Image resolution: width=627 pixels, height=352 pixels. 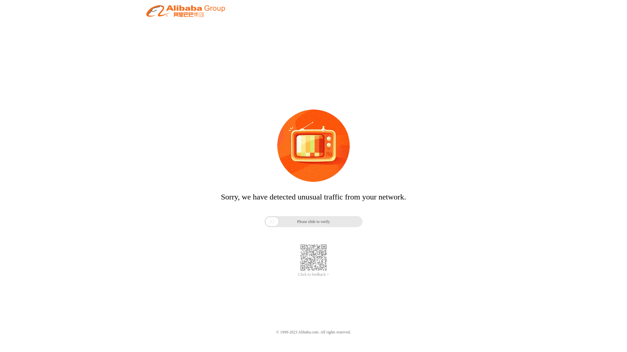 I want to click on 'Click to feedback >', so click(x=313, y=274).